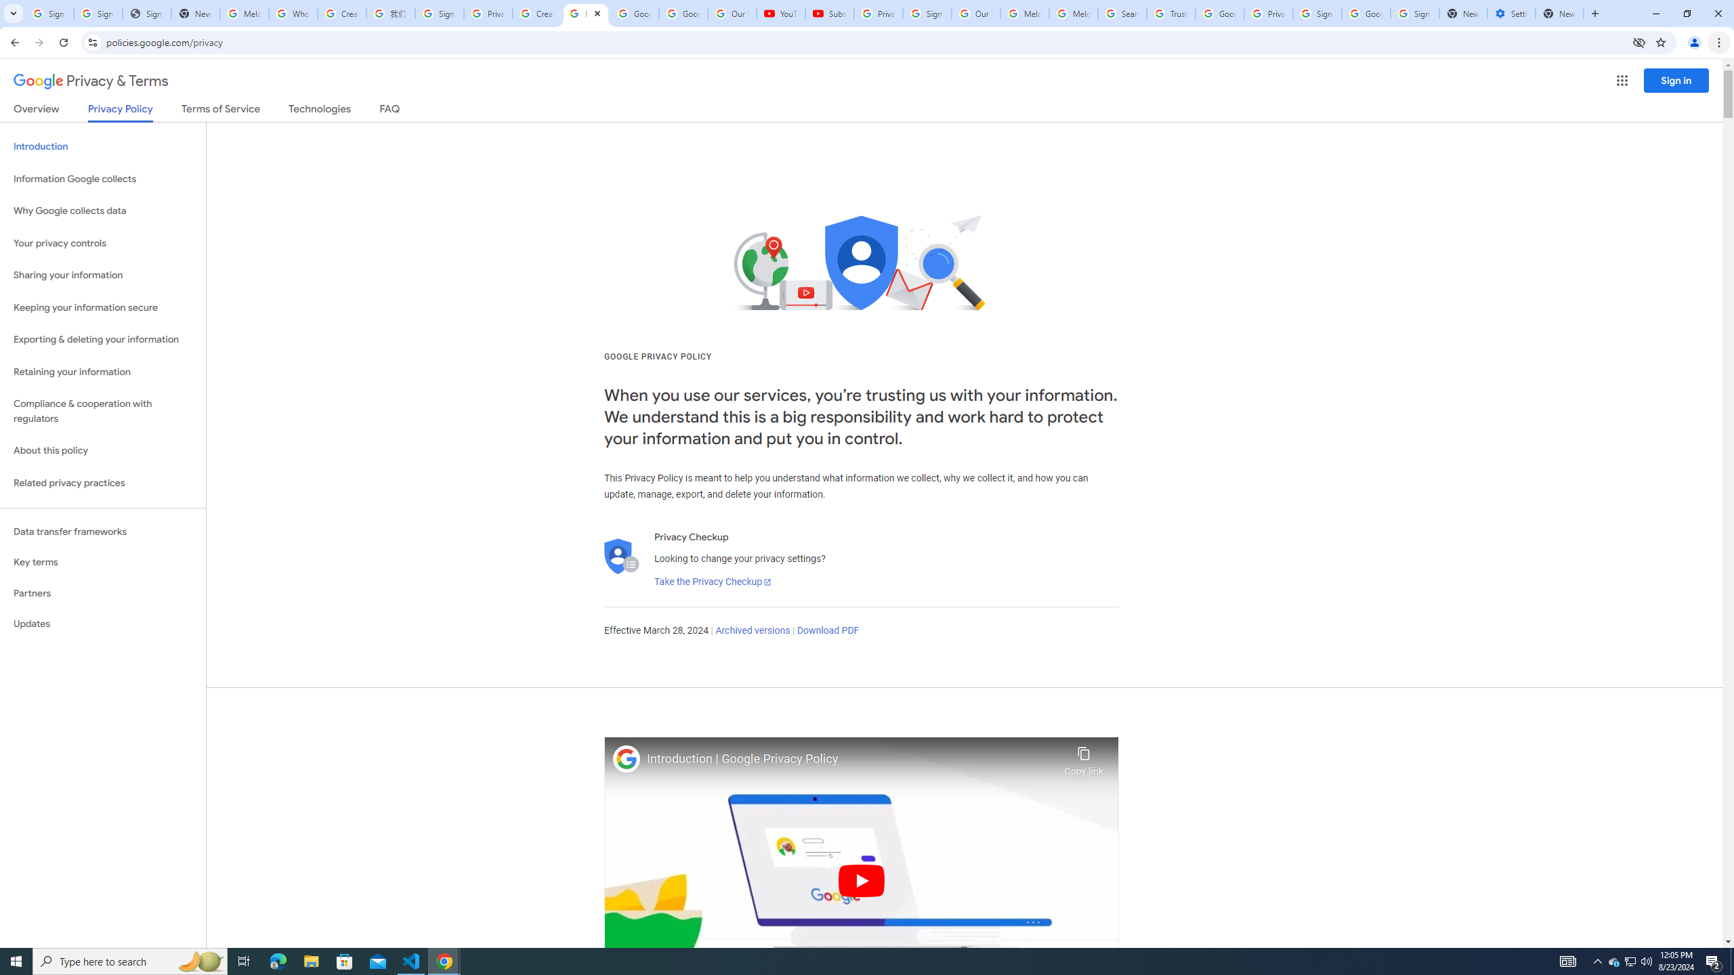  What do you see at coordinates (102, 372) in the screenshot?
I see `'Retaining your information'` at bounding box center [102, 372].